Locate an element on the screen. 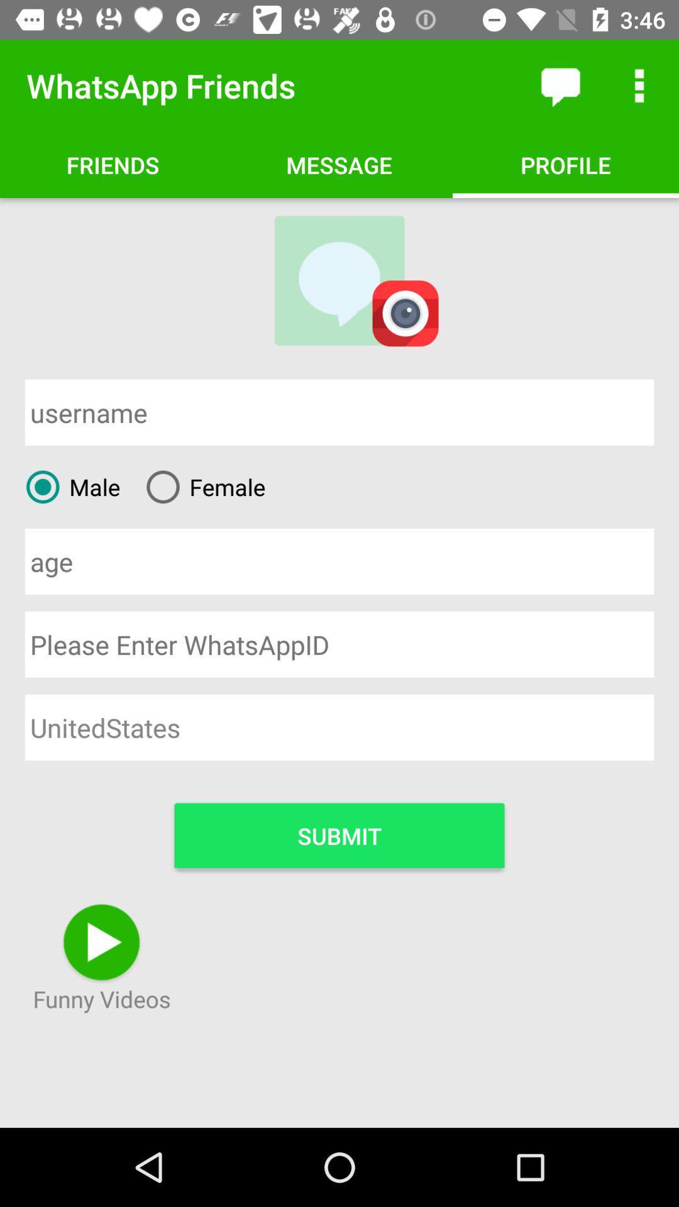  male item is located at coordinates (68, 486).